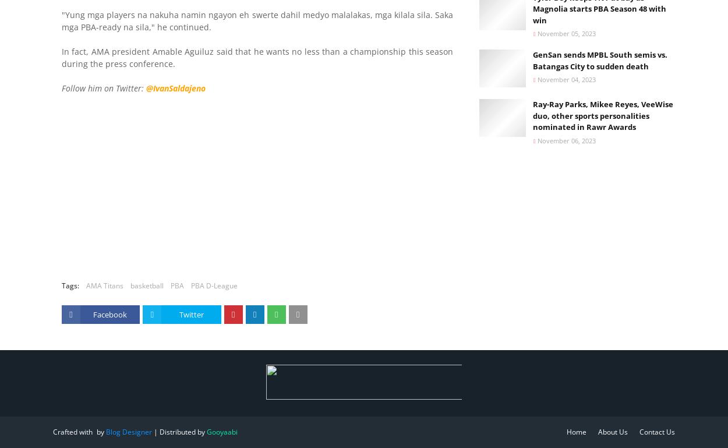  I want to click on 'Blog Designer', so click(106, 431).